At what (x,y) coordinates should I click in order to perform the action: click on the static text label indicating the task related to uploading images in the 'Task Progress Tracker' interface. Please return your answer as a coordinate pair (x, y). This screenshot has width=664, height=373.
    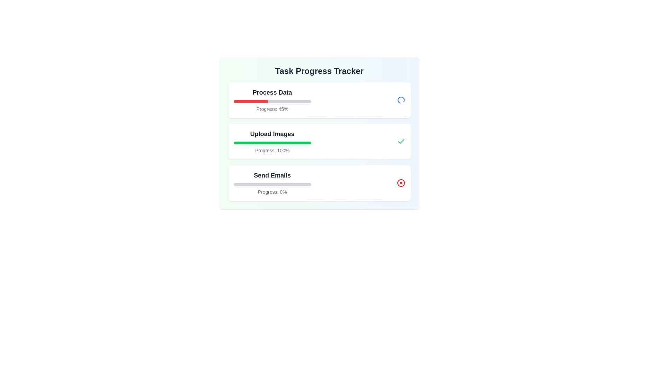
    Looking at the image, I should click on (272, 134).